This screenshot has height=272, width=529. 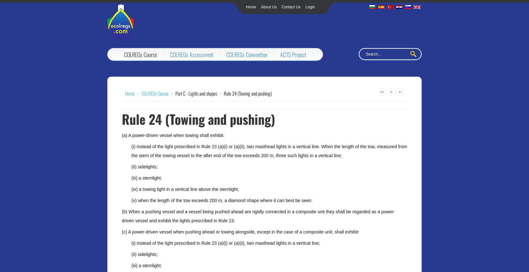 What do you see at coordinates (225, 243) in the screenshot?
I see `'(i) instead of the light prescribed in Rule 23 (a)(i) or (a)(ii), two masthead lights in a vertical line;'` at bounding box center [225, 243].